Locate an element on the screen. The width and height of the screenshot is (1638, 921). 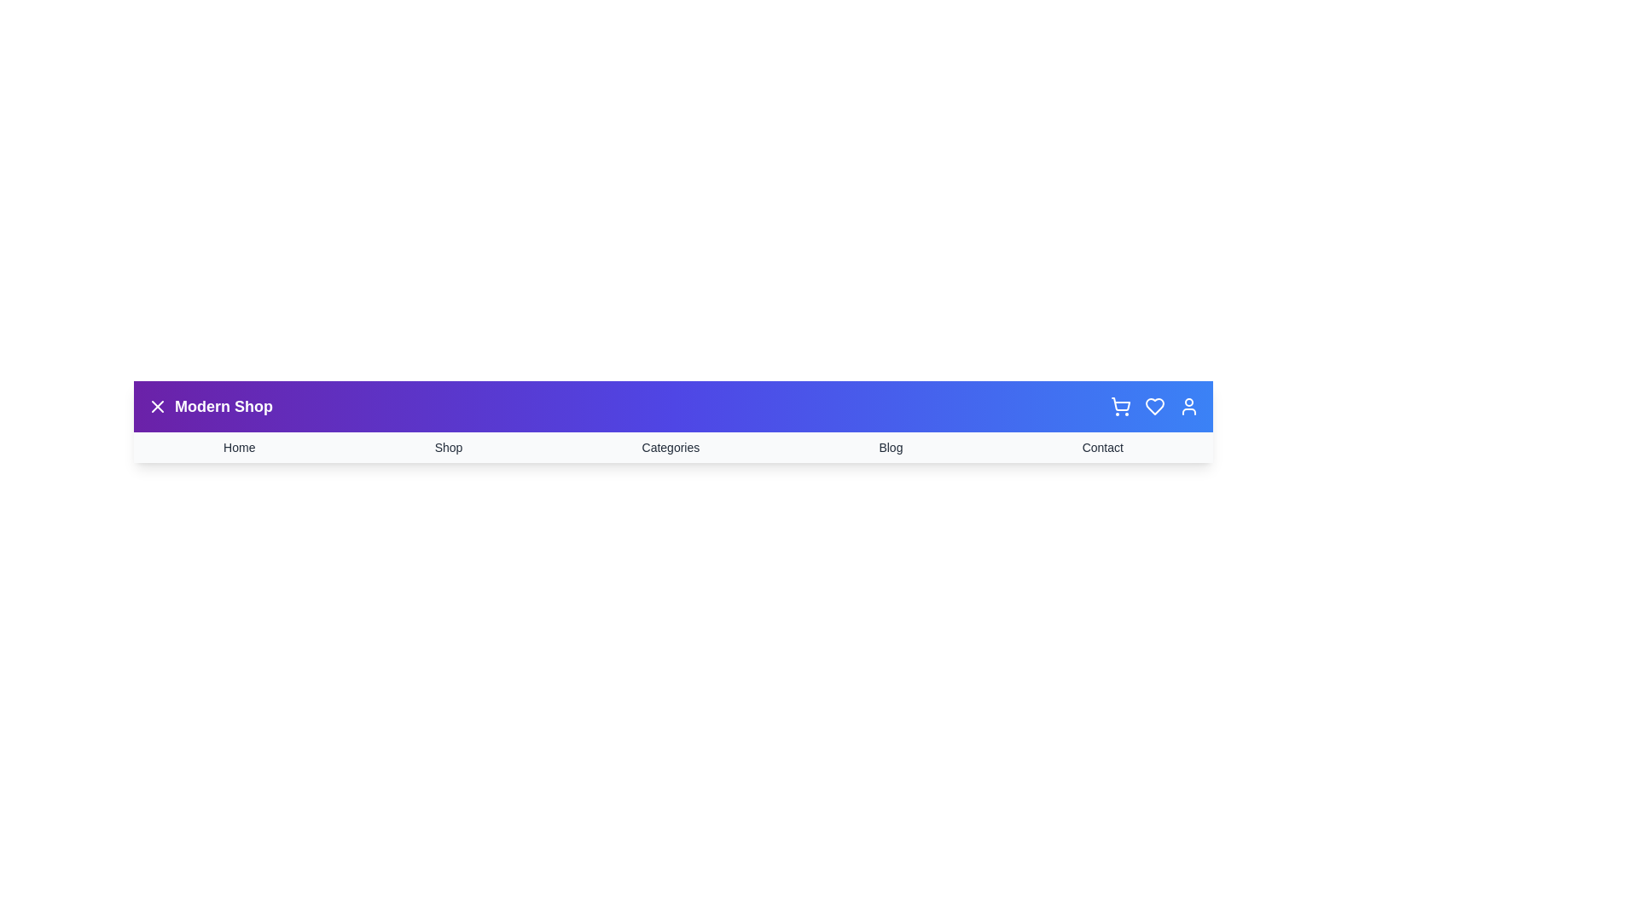
the Categories menu item in the navigation bar is located at coordinates (670, 446).